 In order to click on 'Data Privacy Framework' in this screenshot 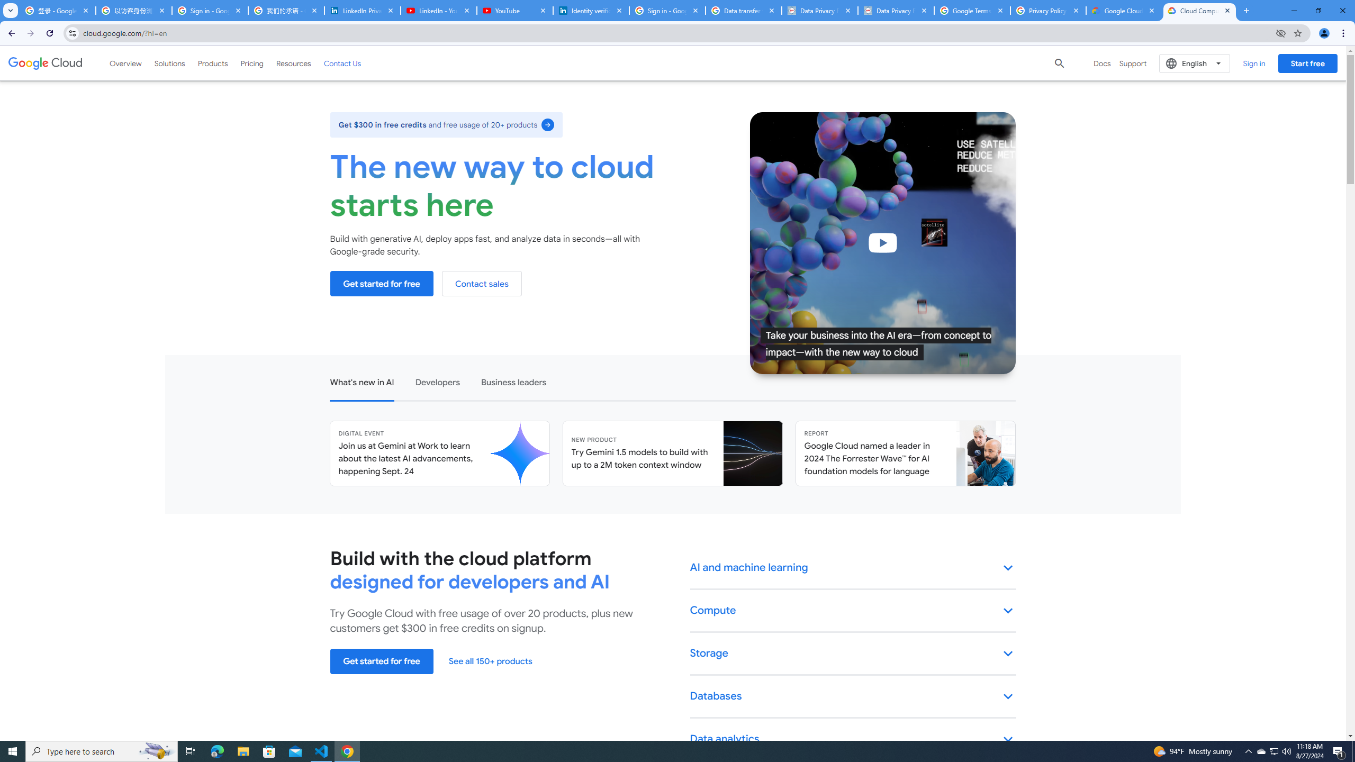, I will do `click(819, 10)`.